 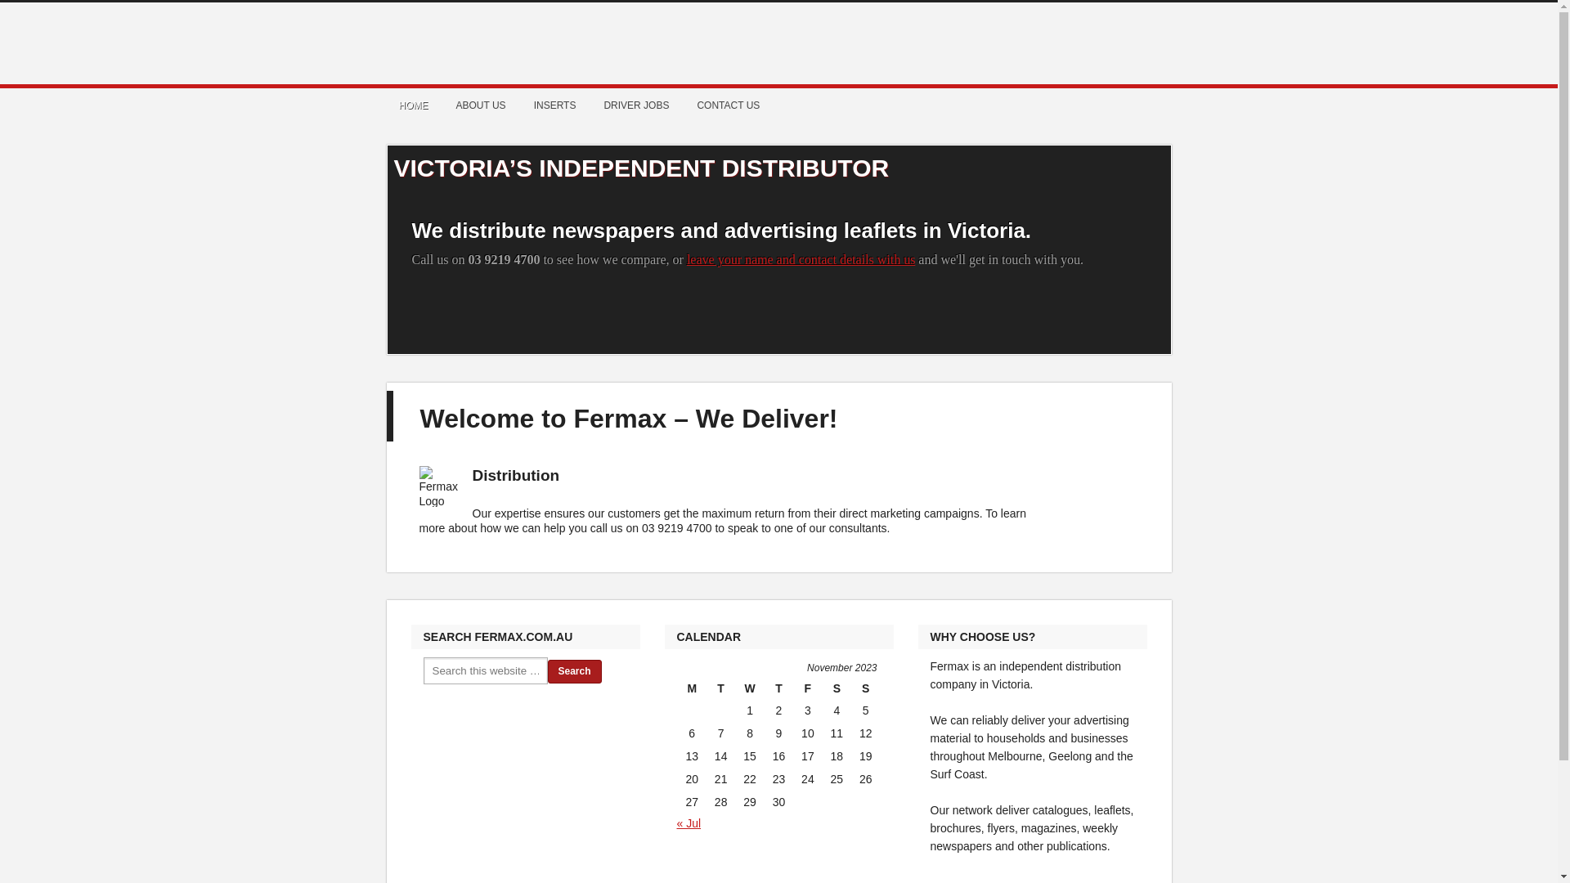 I want to click on 'INSERTS', so click(x=556, y=105).